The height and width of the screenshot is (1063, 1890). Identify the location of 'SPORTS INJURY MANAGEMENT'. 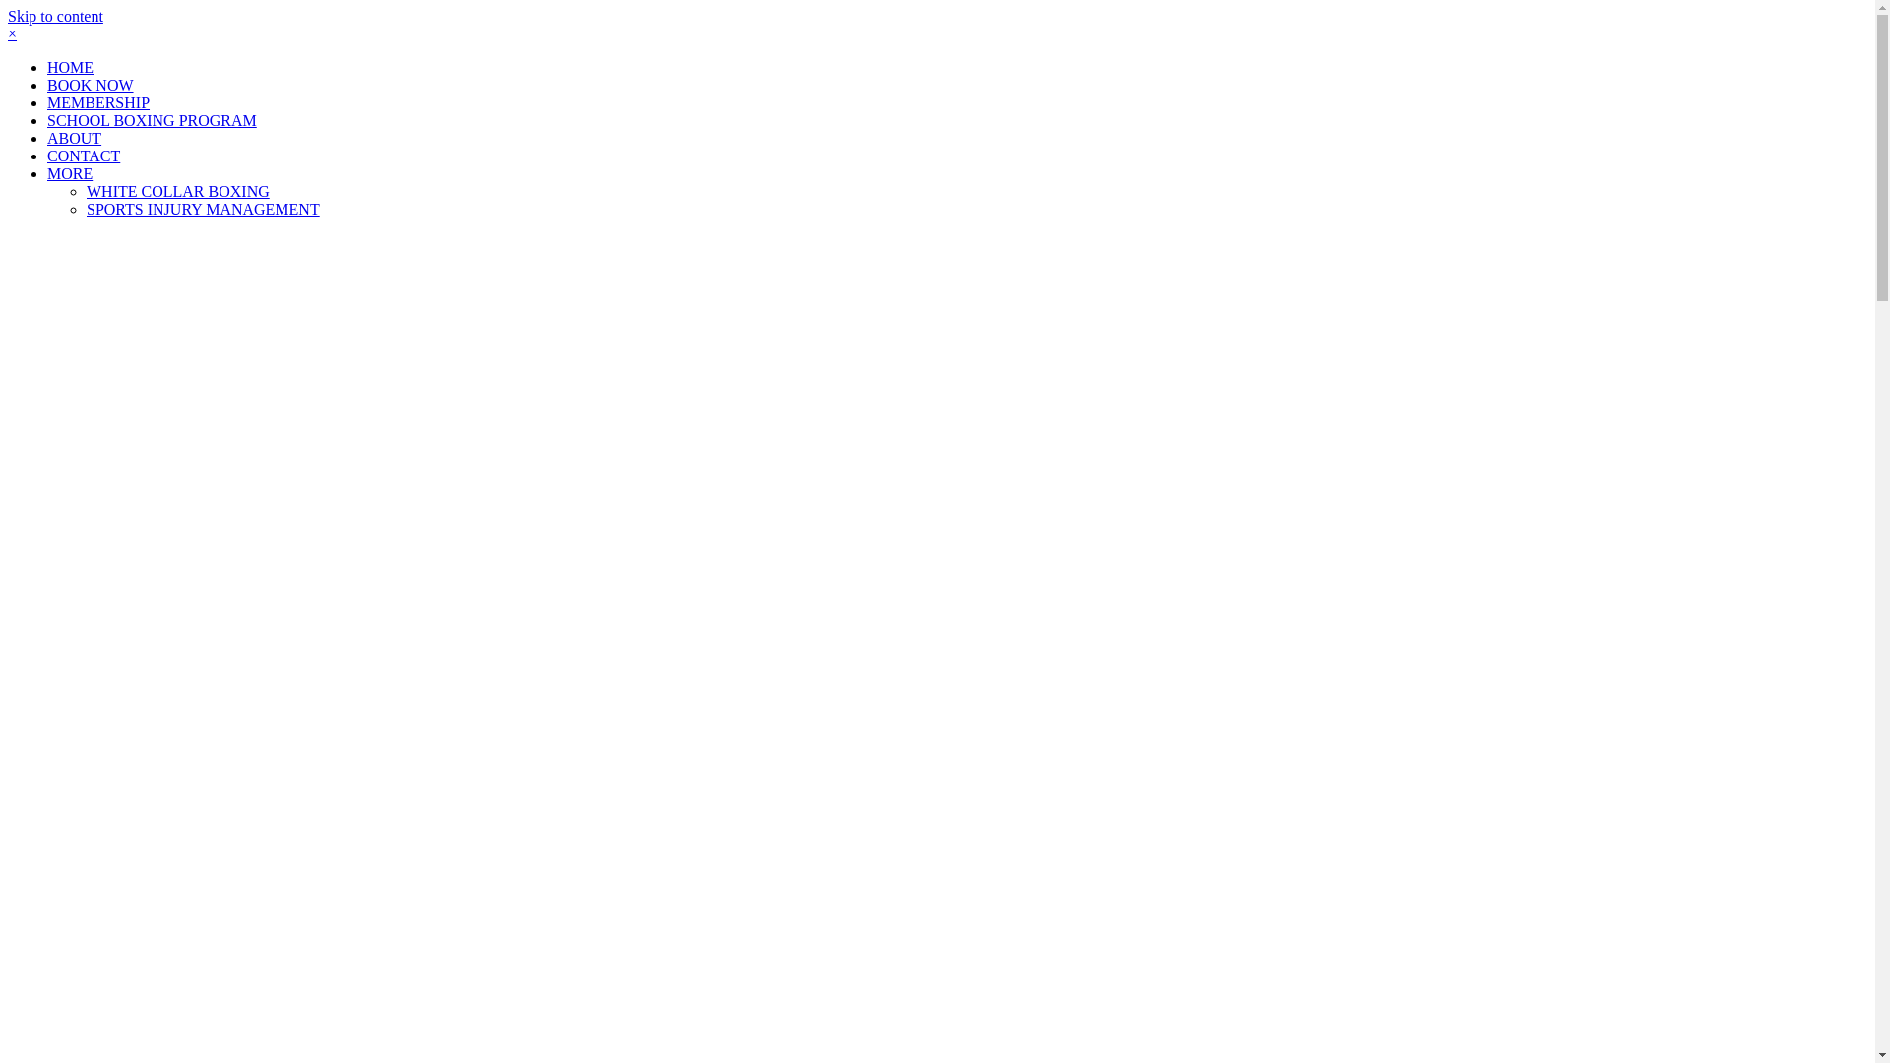
(203, 209).